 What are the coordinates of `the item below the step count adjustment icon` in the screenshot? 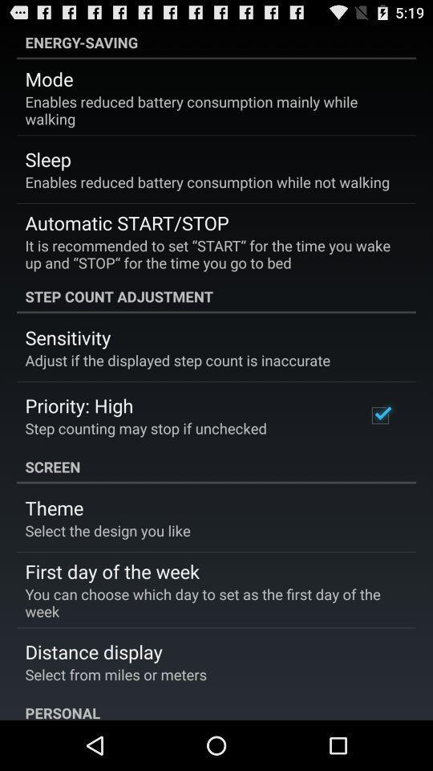 It's located at (379, 414).